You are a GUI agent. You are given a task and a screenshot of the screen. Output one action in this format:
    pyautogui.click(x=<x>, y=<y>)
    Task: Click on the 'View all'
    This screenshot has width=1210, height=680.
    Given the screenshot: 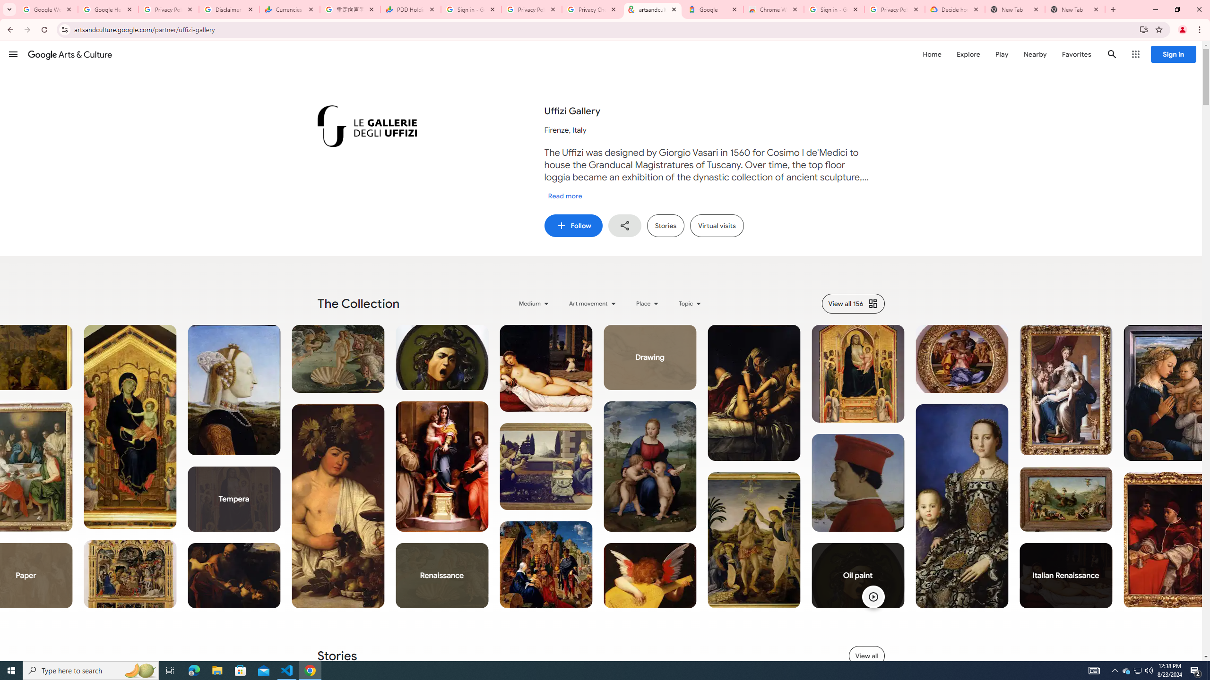 What is the action you would take?
    pyautogui.click(x=867, y=655)
    